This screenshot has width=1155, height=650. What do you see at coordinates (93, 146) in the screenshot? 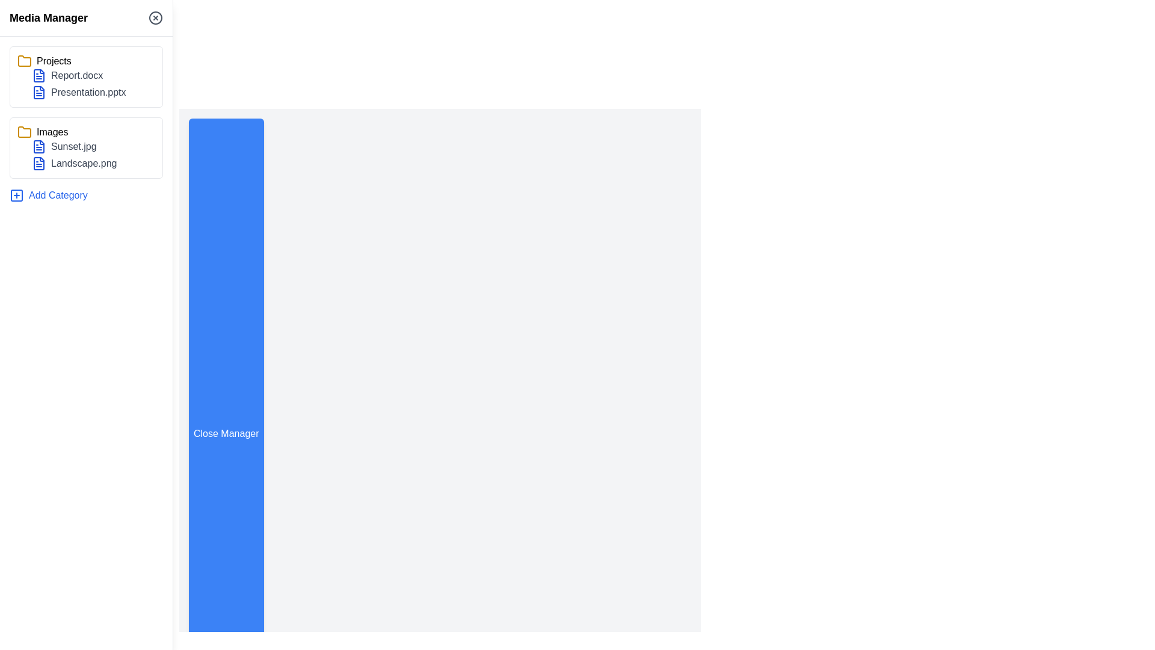
I see `the text label displaying the file name 'Sunset.jpg'` at bounding box center [93, 146].